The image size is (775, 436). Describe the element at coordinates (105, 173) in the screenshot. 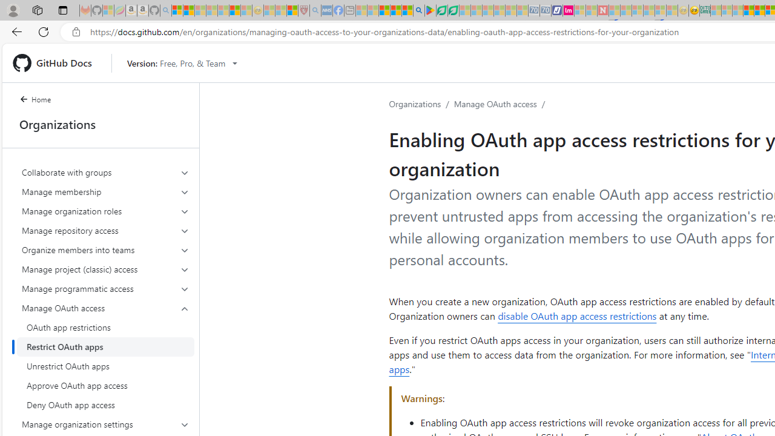

I see `'Collaborate with groups'` at that location.